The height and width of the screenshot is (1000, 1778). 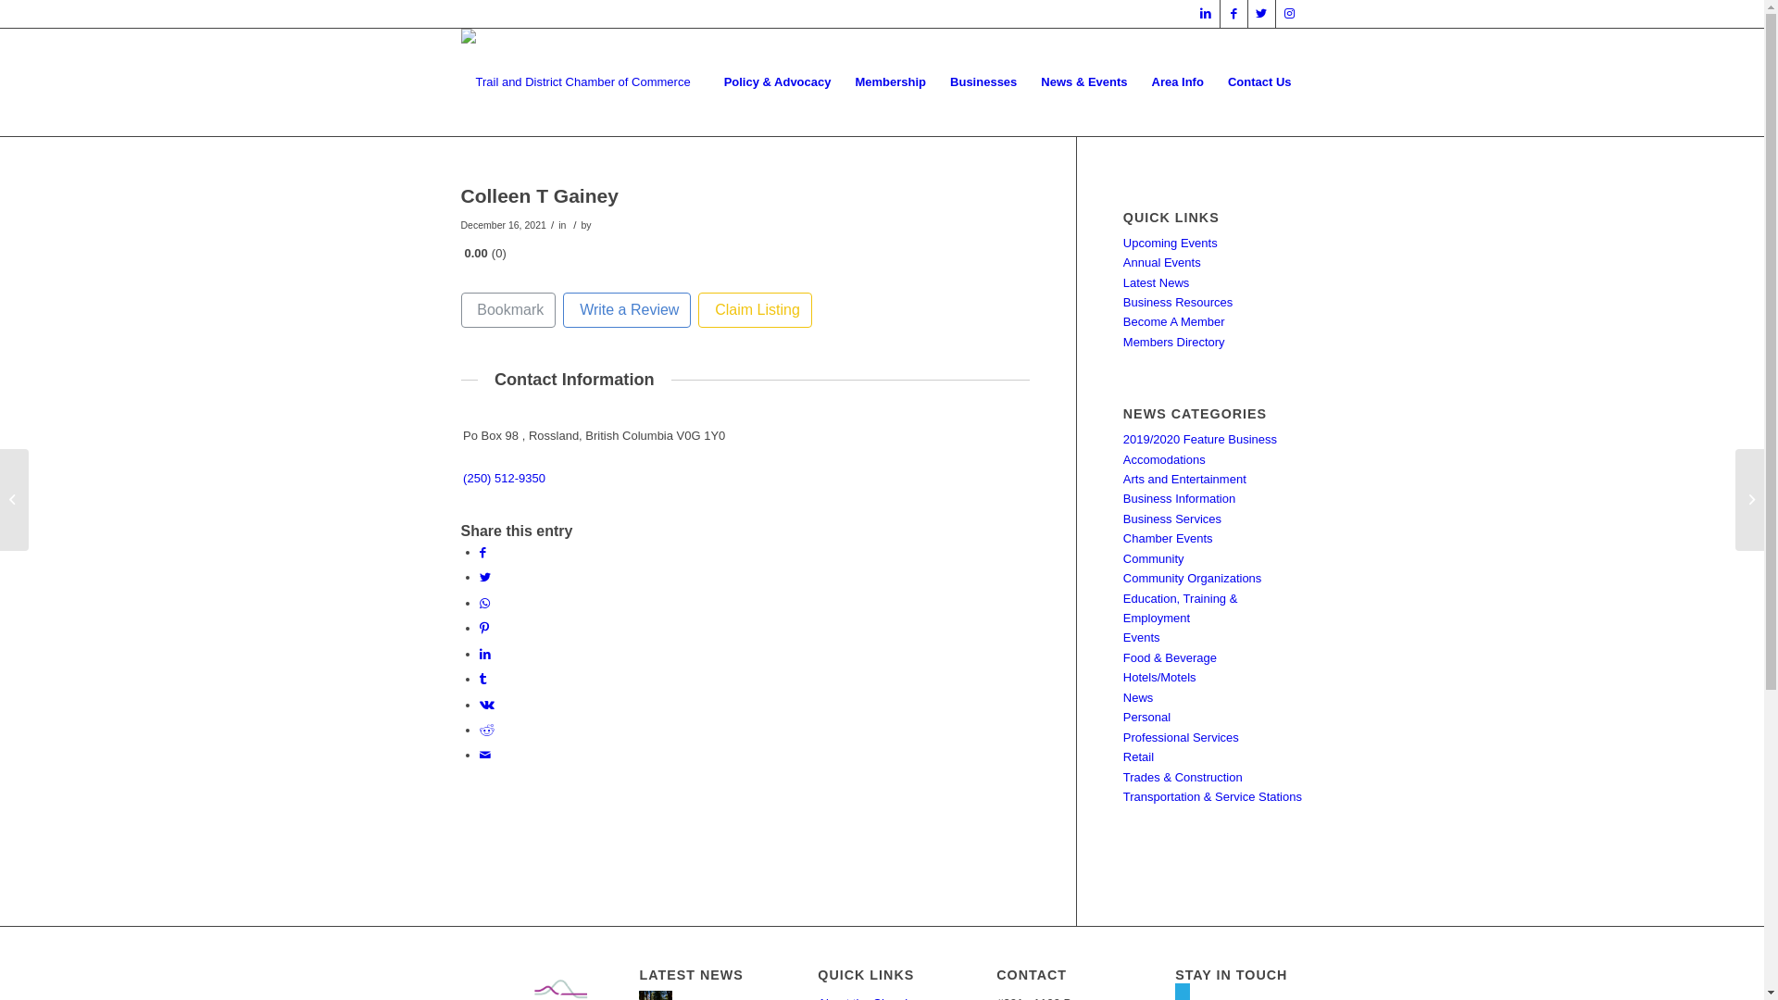 I want to click on 'Business Resources', so click(x=1177, y=301).